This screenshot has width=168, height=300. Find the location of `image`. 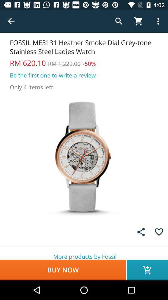

image is located at coordinates (84, 156).